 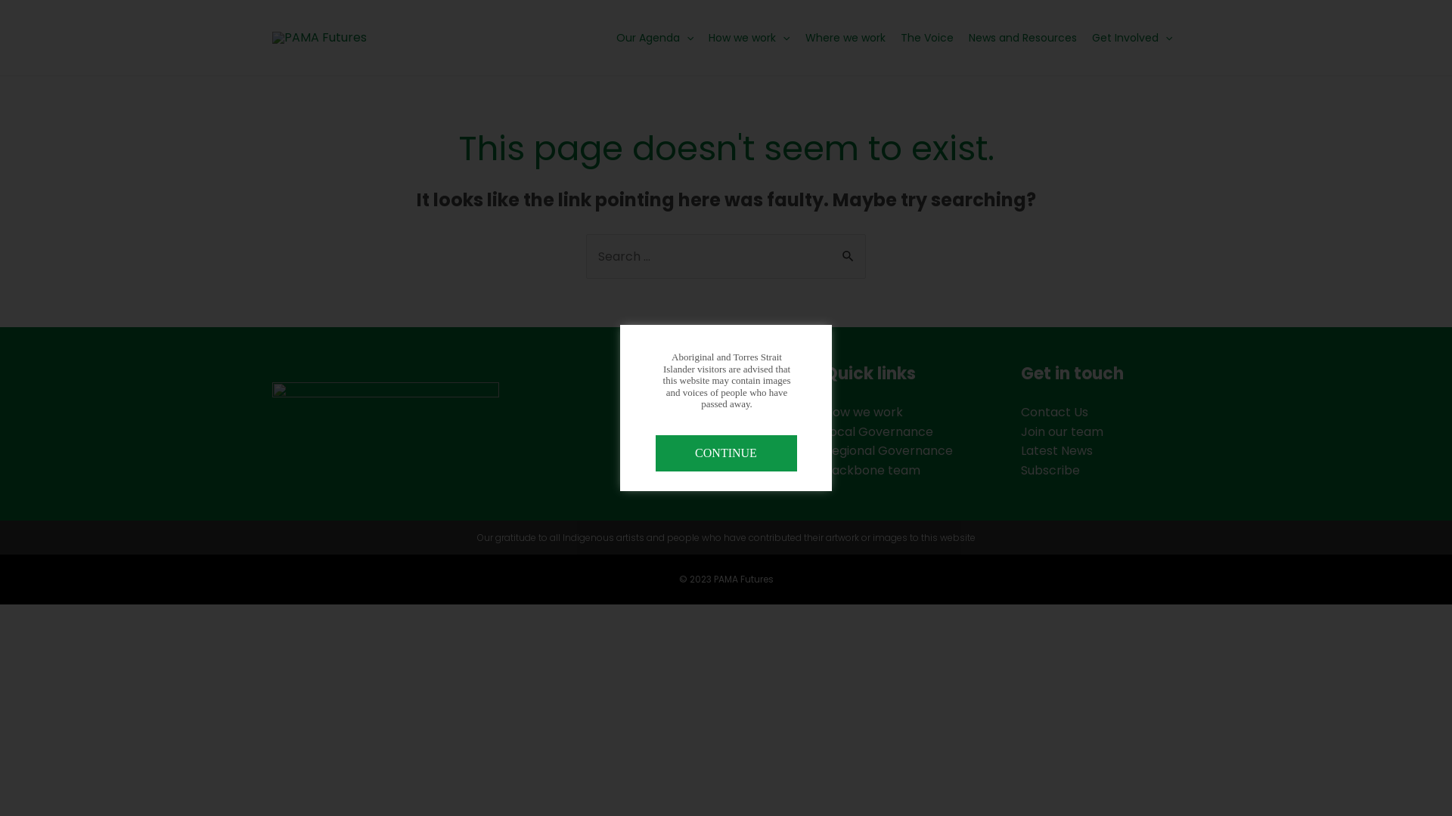 I want to click on 'Join our team', so click(x=1061, y=431).